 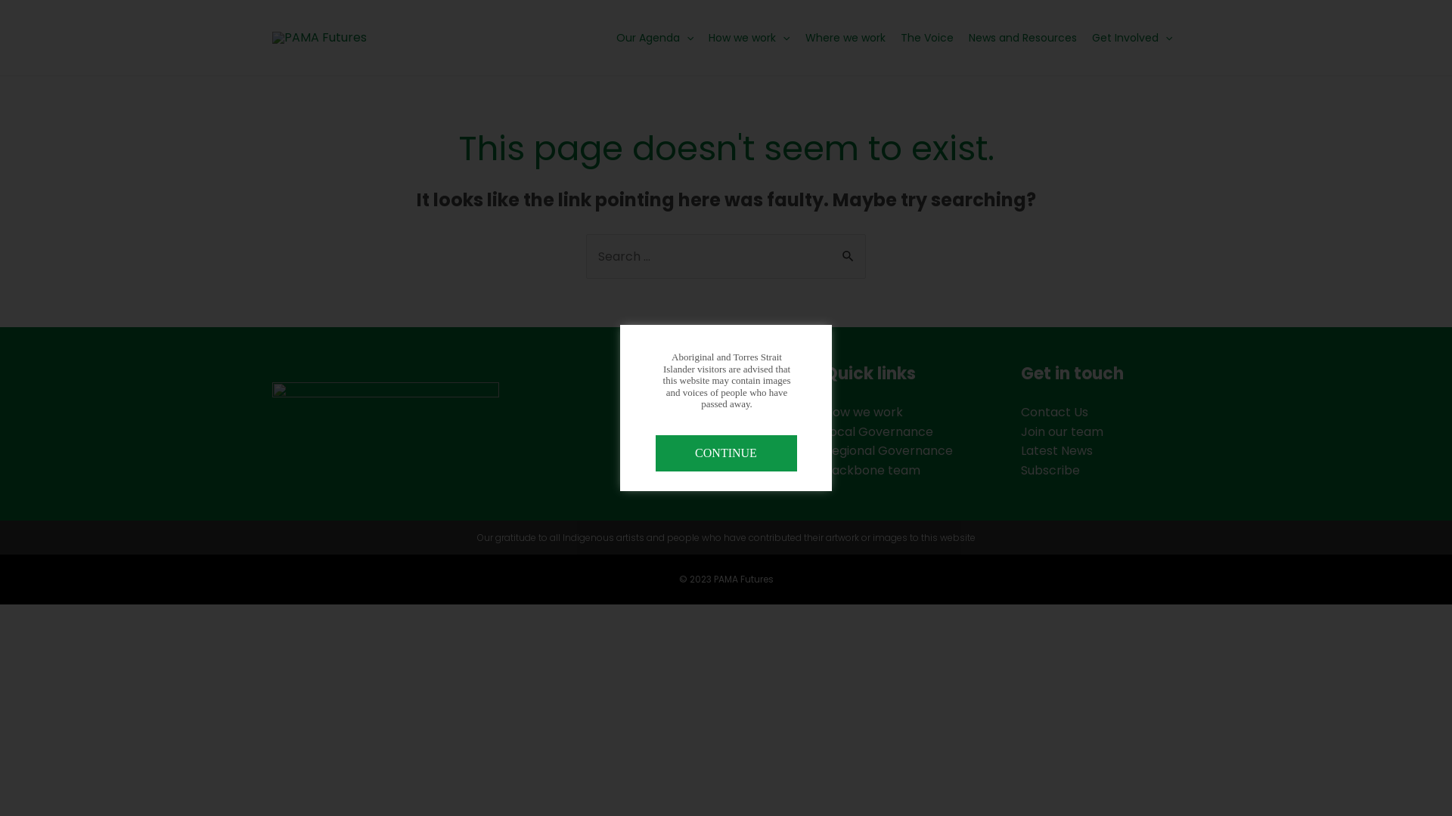 I want to click on 'Join our team', so click(x=1061, y=431).